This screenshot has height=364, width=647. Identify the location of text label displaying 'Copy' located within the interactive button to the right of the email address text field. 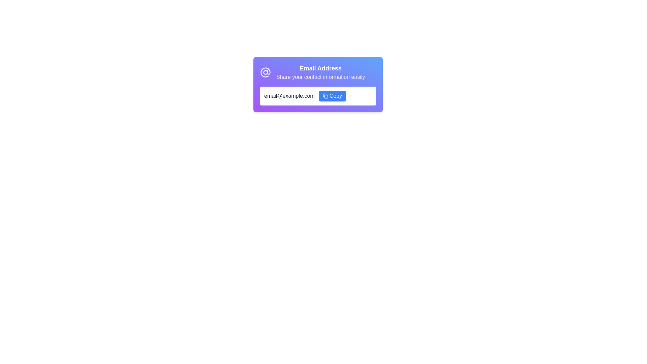
(332, 96).